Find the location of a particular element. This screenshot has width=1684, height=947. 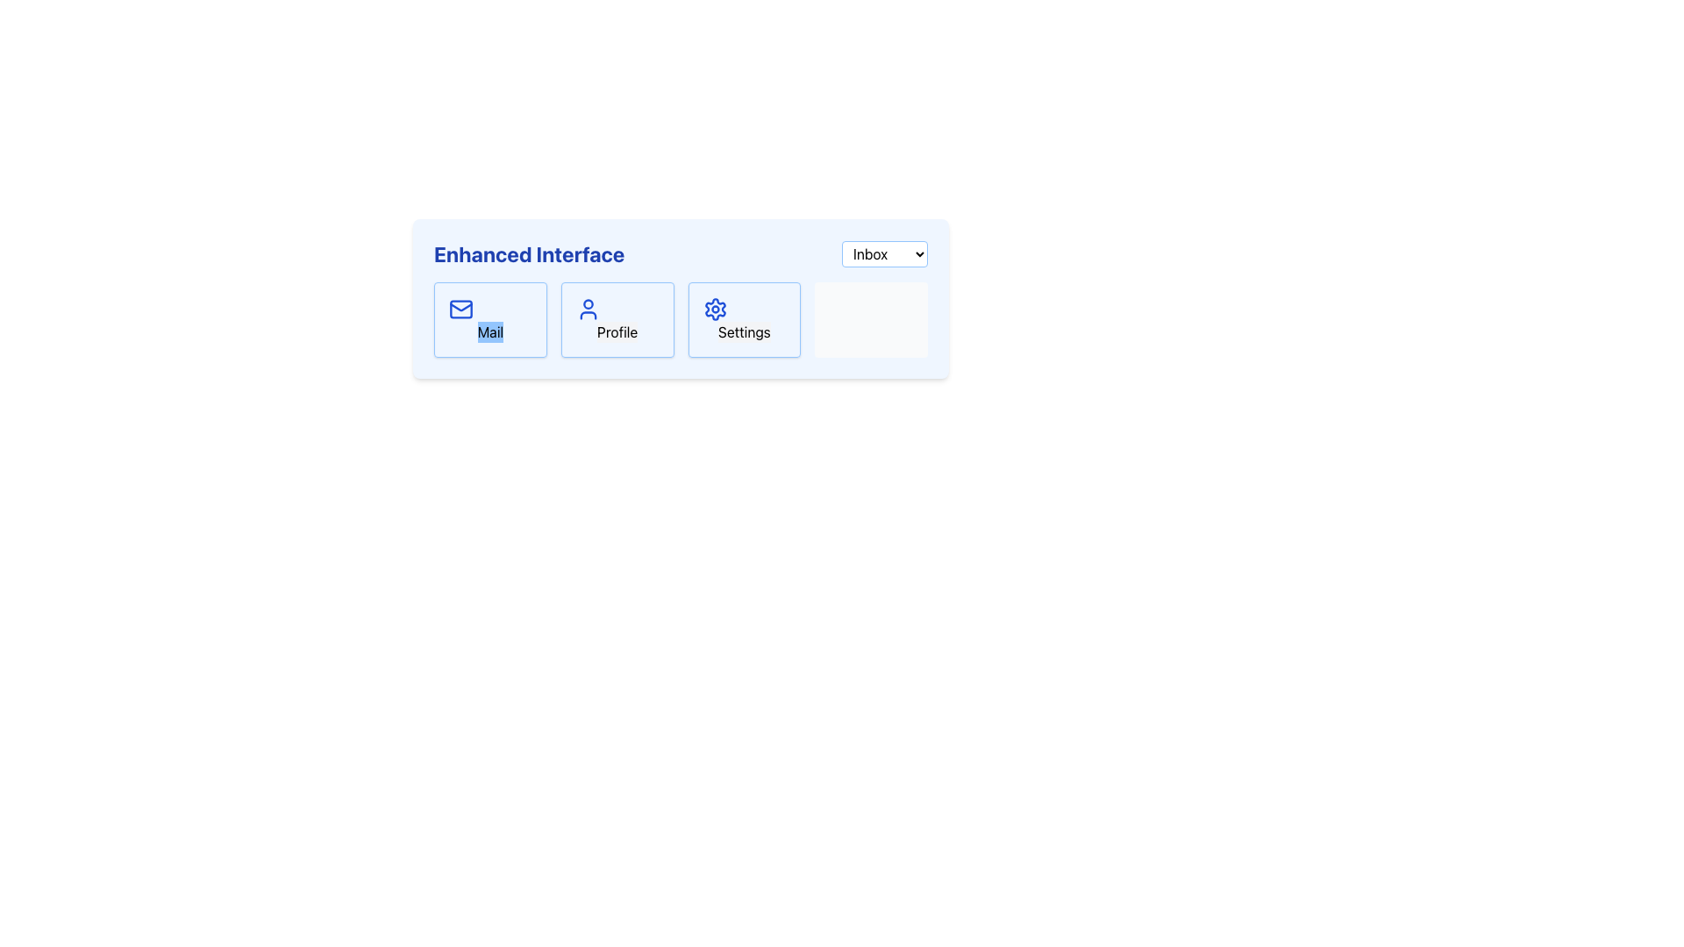

the blue human figure icon located within the 'Profile' button, which is the second button from the left in the horizontal layout is located at coordinates (588, 309).